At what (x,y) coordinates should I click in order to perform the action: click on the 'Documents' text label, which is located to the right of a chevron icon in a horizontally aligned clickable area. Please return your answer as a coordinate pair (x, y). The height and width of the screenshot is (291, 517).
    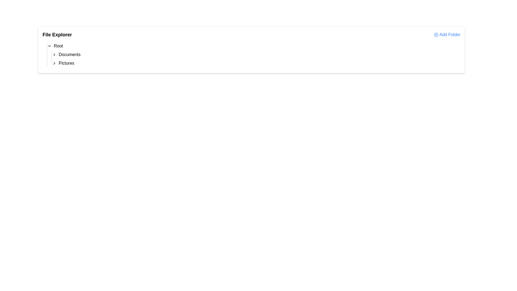
    Looking at the image, I should click on (69, 55).